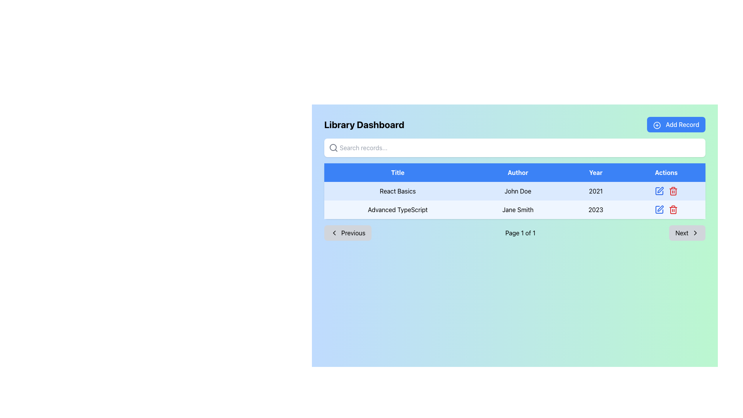 Image resolution: width=743 pixels, height=418 pixels. I want to click on the 'Add New Record' button located at the top-right corner of the interface, so click(676, 124).